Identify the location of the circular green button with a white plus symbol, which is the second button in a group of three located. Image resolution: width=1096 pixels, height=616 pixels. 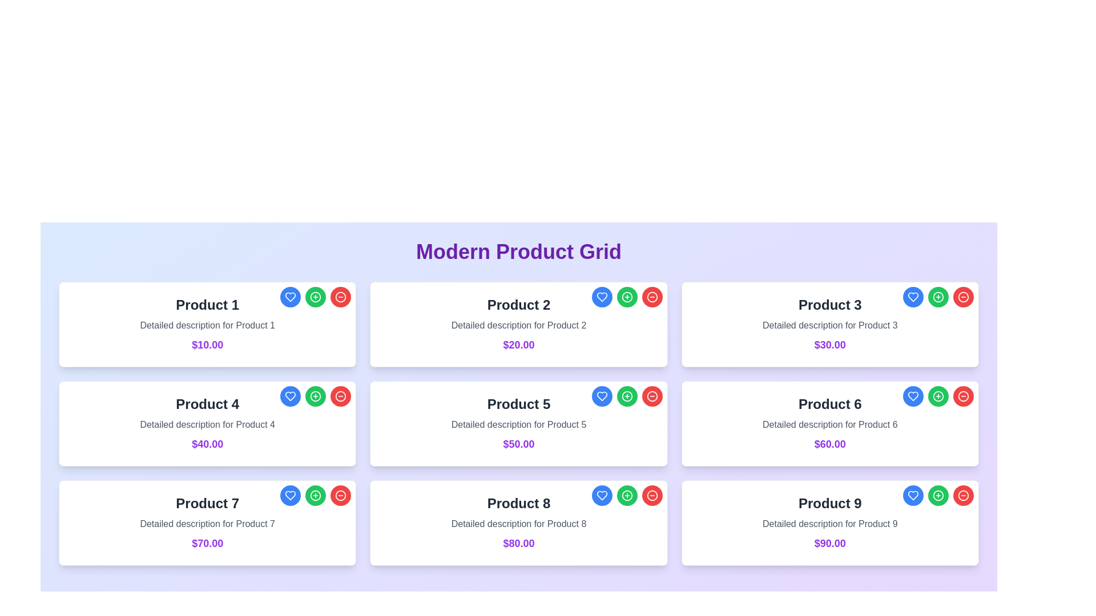
(316, 495).